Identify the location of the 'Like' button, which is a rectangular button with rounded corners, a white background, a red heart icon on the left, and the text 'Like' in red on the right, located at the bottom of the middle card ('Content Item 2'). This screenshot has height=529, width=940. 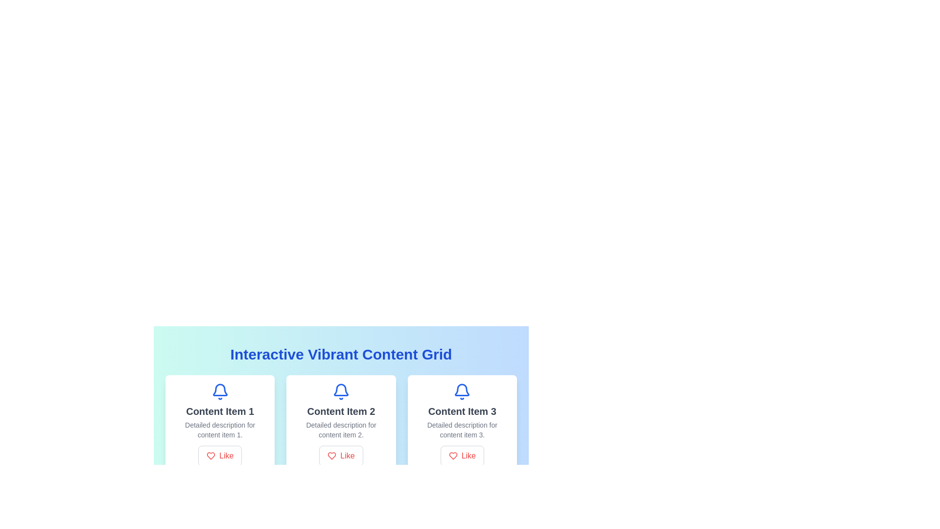
(341, 456).